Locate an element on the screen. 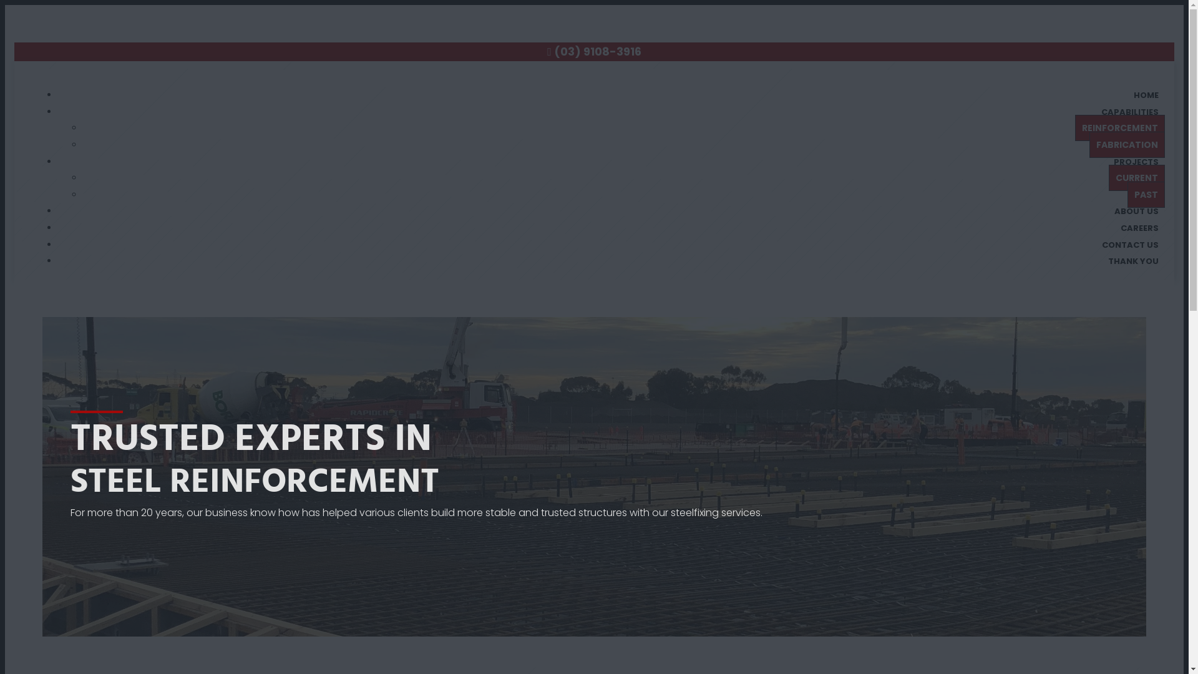  'CAREERS' is located at coordinates (1139, 228).